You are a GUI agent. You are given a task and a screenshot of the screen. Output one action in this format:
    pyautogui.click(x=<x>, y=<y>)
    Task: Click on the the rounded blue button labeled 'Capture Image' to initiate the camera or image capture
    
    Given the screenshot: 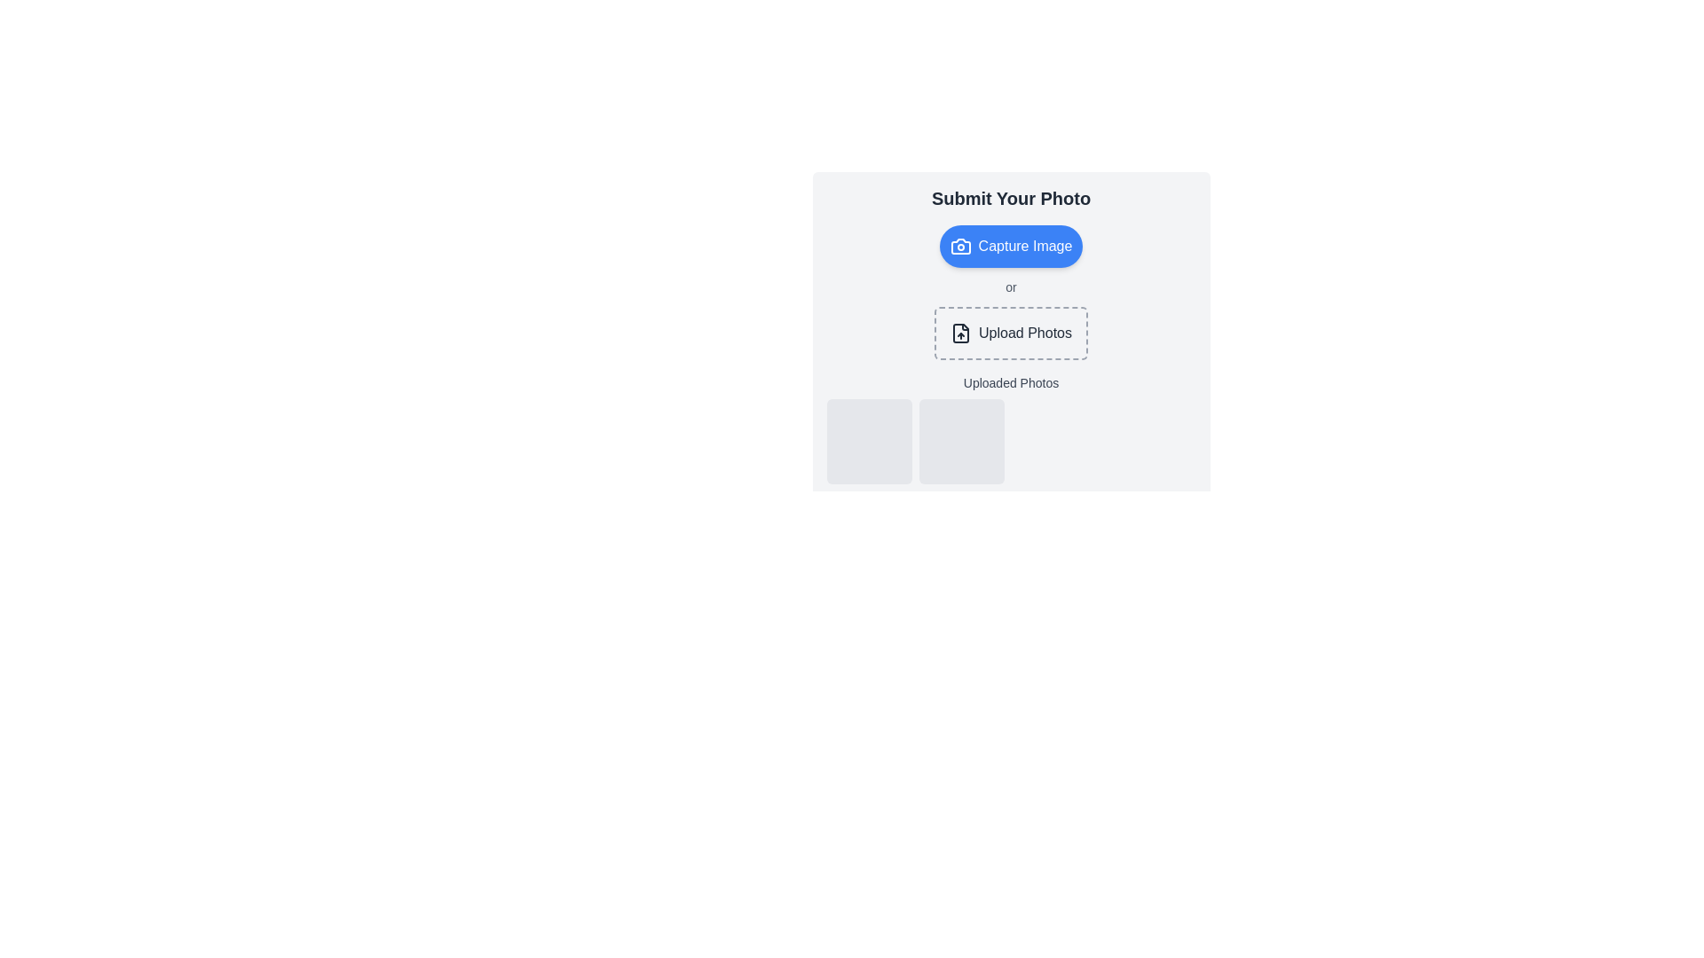 What is the action you would take?
    pyautogui.click(x=1011, y=246)
    